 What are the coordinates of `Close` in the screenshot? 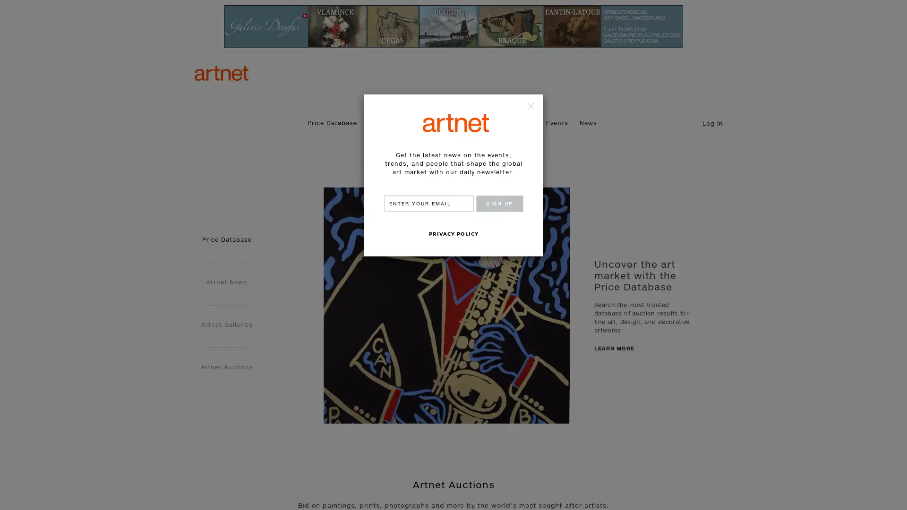 It's located at (528, 107).